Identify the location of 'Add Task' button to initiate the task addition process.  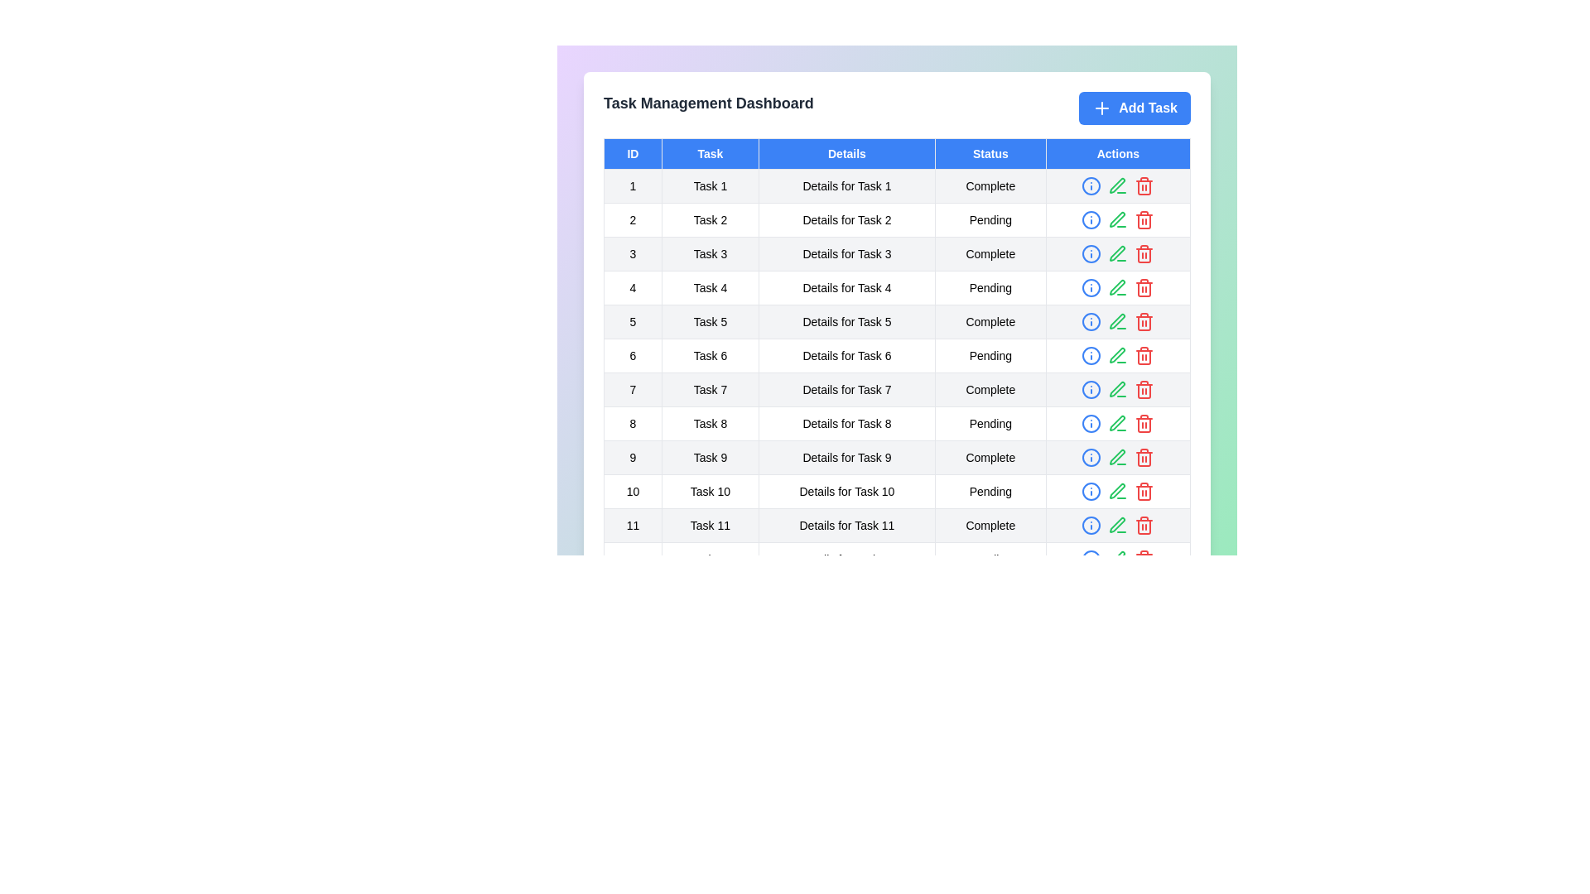
(1134, 108).